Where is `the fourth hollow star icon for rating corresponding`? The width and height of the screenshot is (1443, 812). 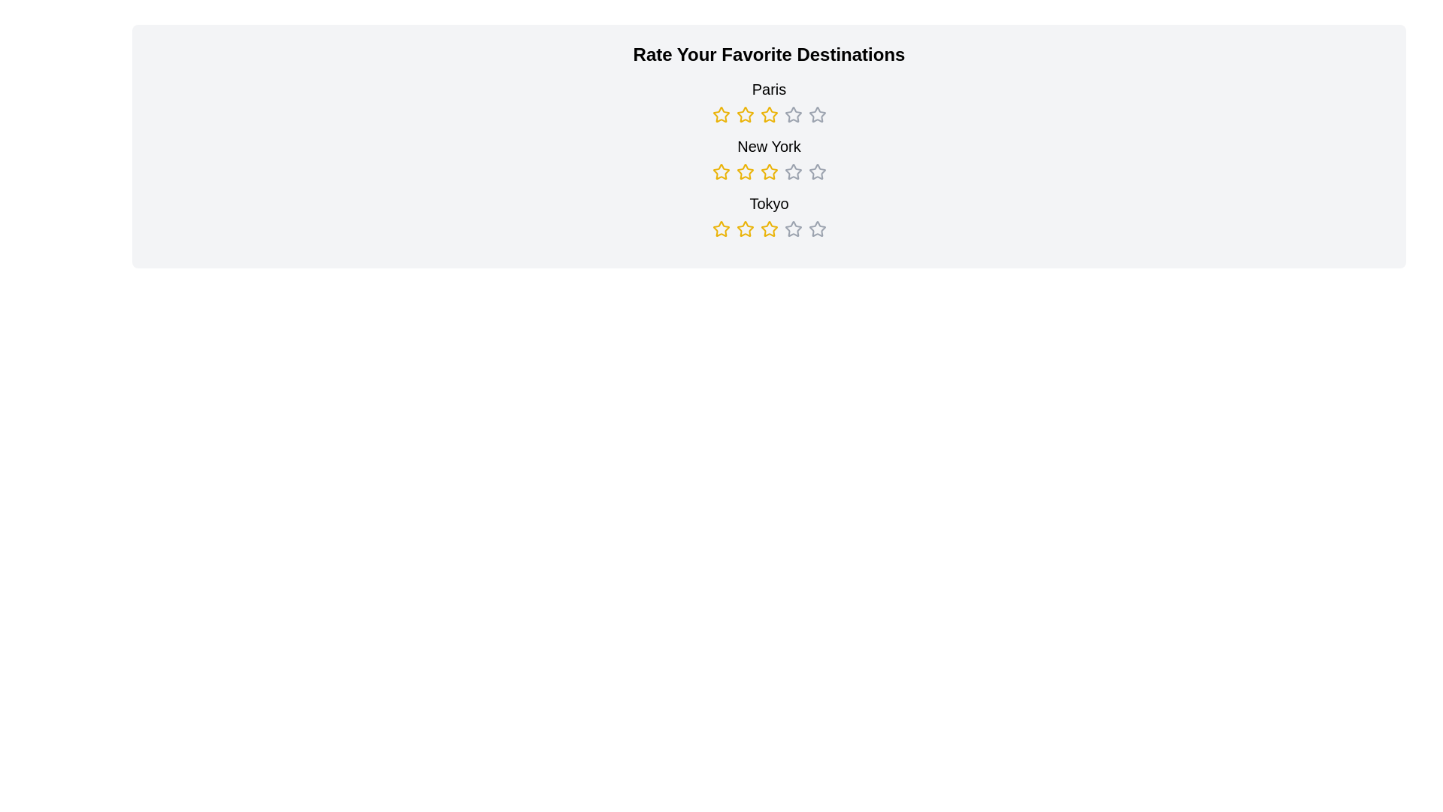
the fourth hollow star icon for rating corresponding is located at coordinates (792, 229).